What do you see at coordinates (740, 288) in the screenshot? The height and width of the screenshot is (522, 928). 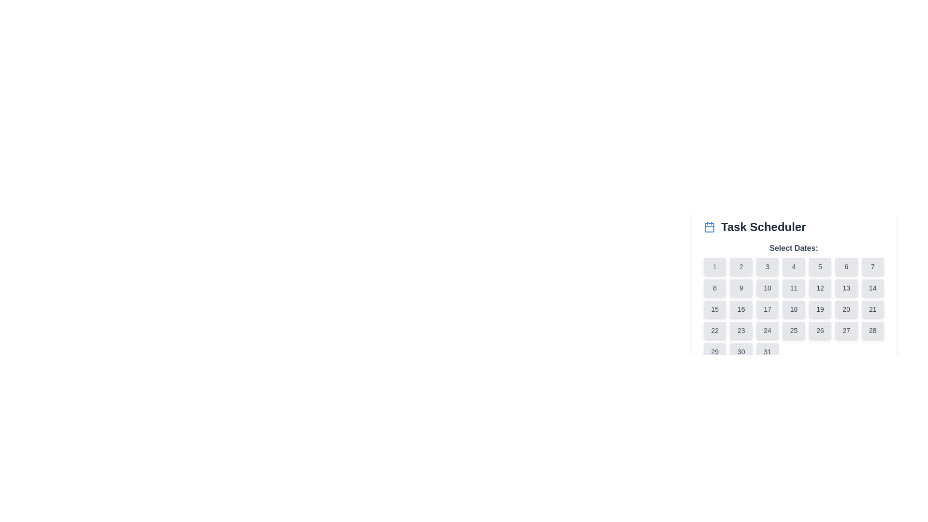 I see `the rectangular button with rounded corners displaying the number '9'` at bounding box center [740, 288].